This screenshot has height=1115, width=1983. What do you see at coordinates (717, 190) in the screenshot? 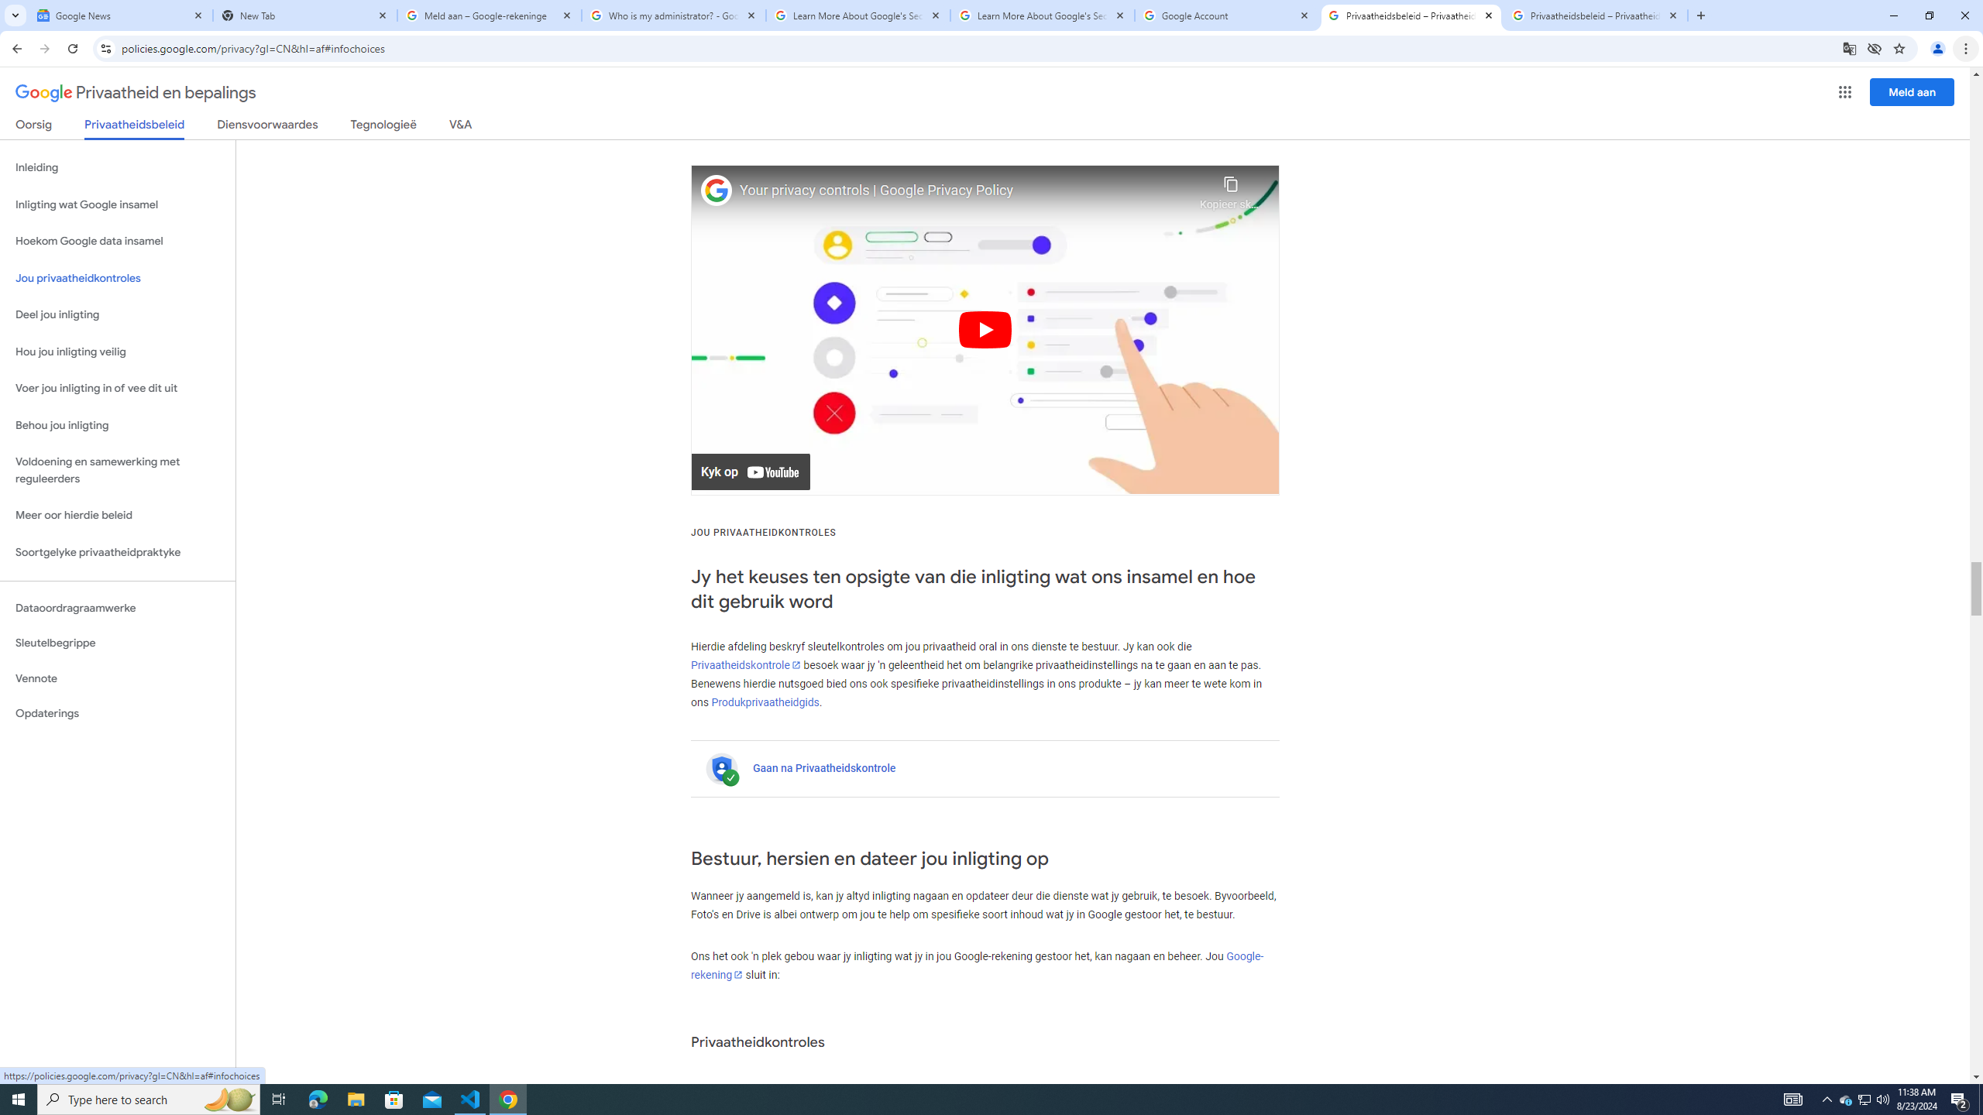
I see `'Fotobeeld van Google'` at bounding box center [717, 190].